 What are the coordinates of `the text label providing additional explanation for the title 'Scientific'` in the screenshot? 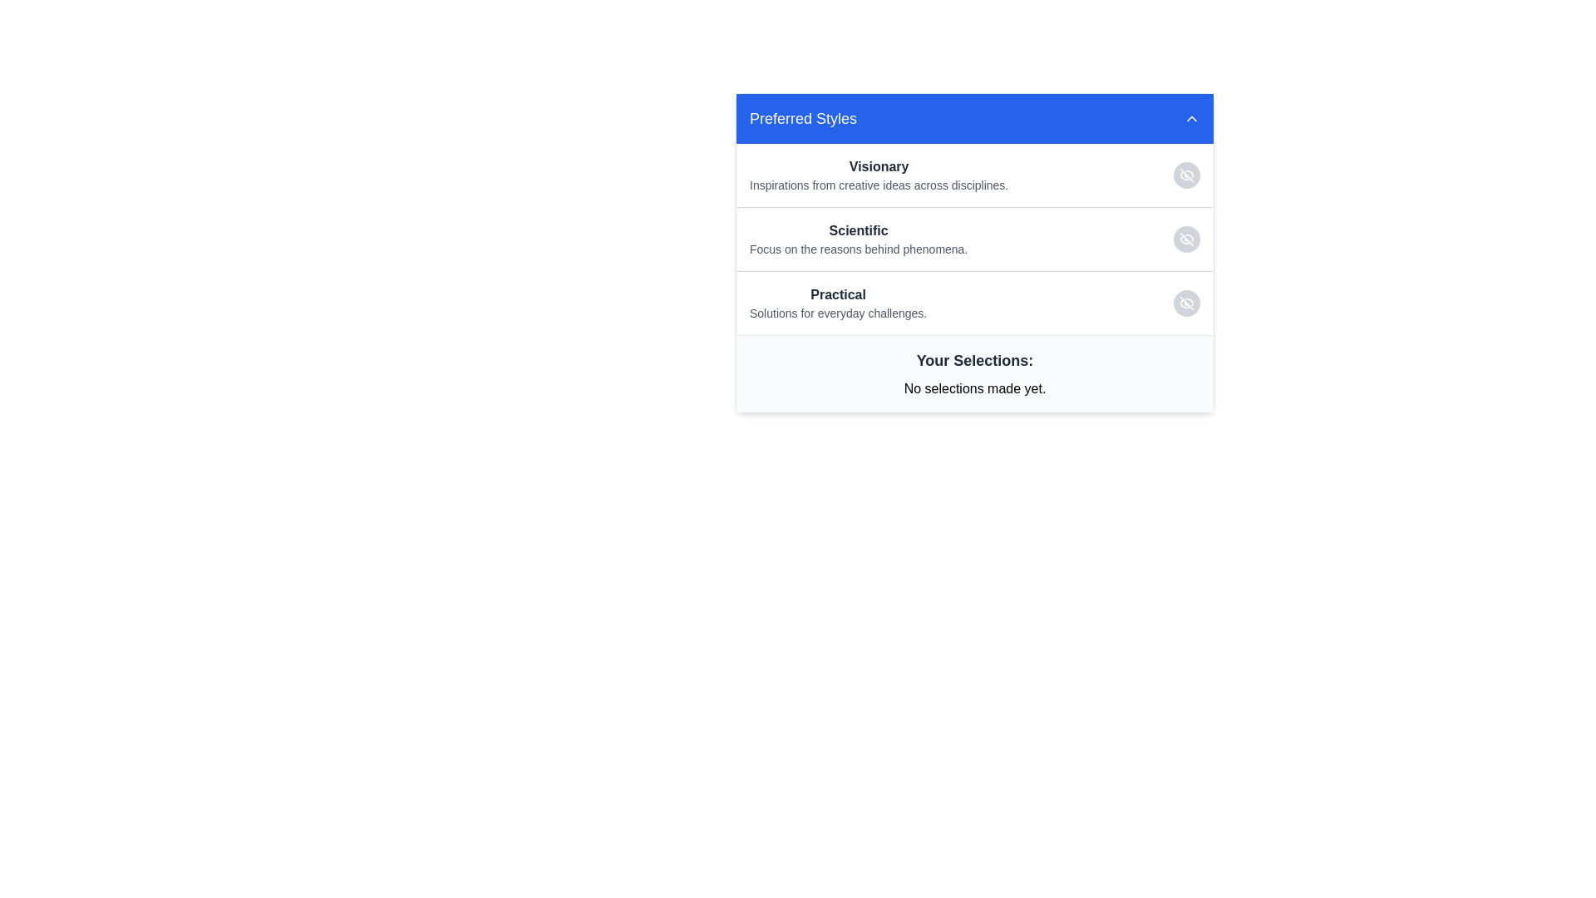 It's located at (859, 249).